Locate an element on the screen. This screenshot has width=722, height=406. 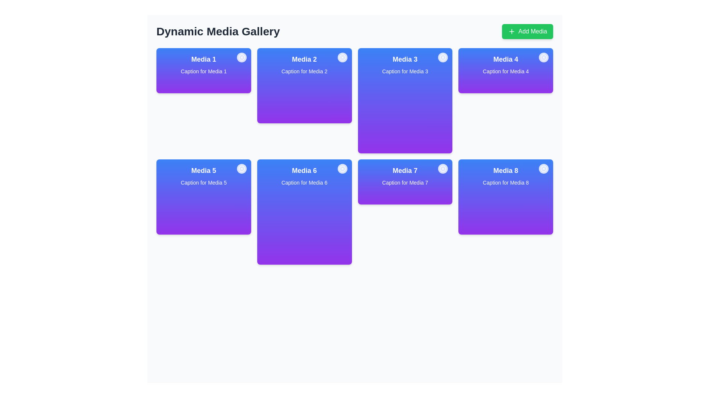
the close button icon located at the top-right corner of the card labeled 'Media 6' is located at coordinates (342, 168).